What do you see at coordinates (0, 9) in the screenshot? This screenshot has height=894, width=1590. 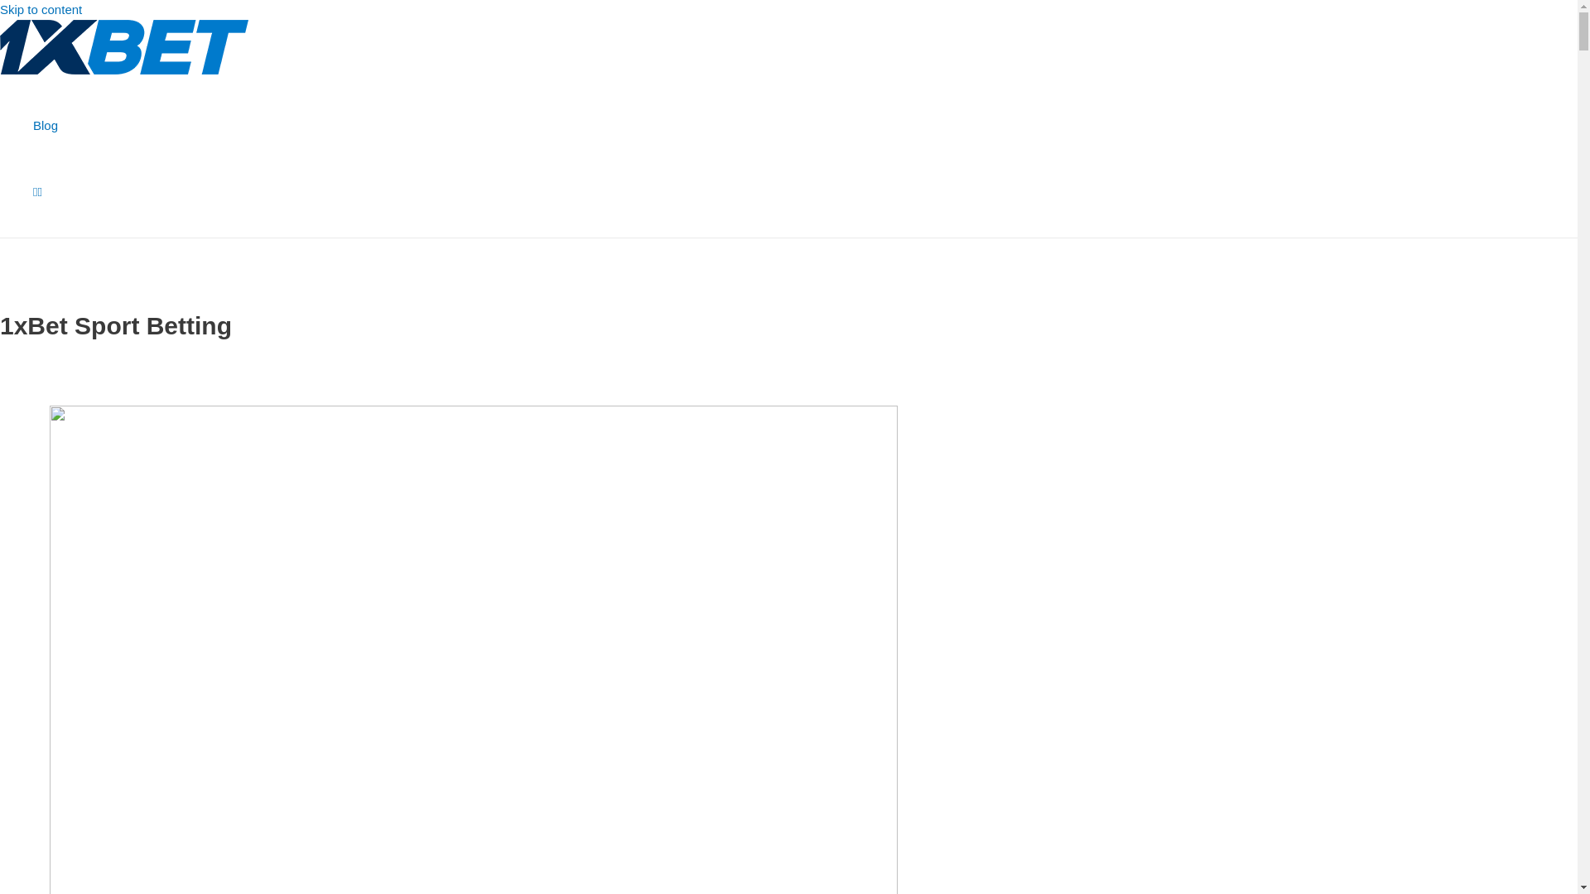 I see `'Skip to content'` at bounding box center [0, 9].